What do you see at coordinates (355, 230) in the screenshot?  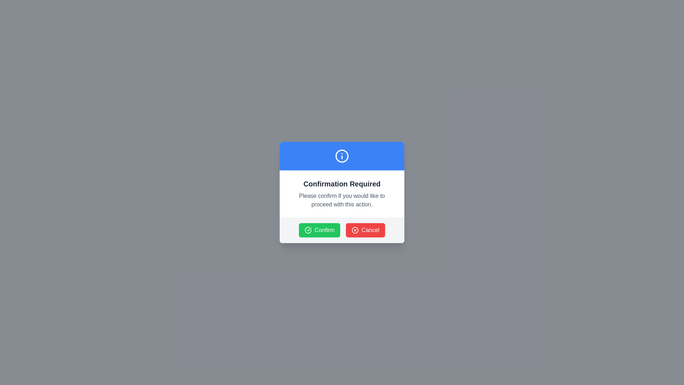 I see `the 'Cancel' button which contains the stylized 'X' icon within a circle, positioned to the left of the 'Cancel' text, located towards the bottom right of the action dialog box` at bounding box center [355, 230].